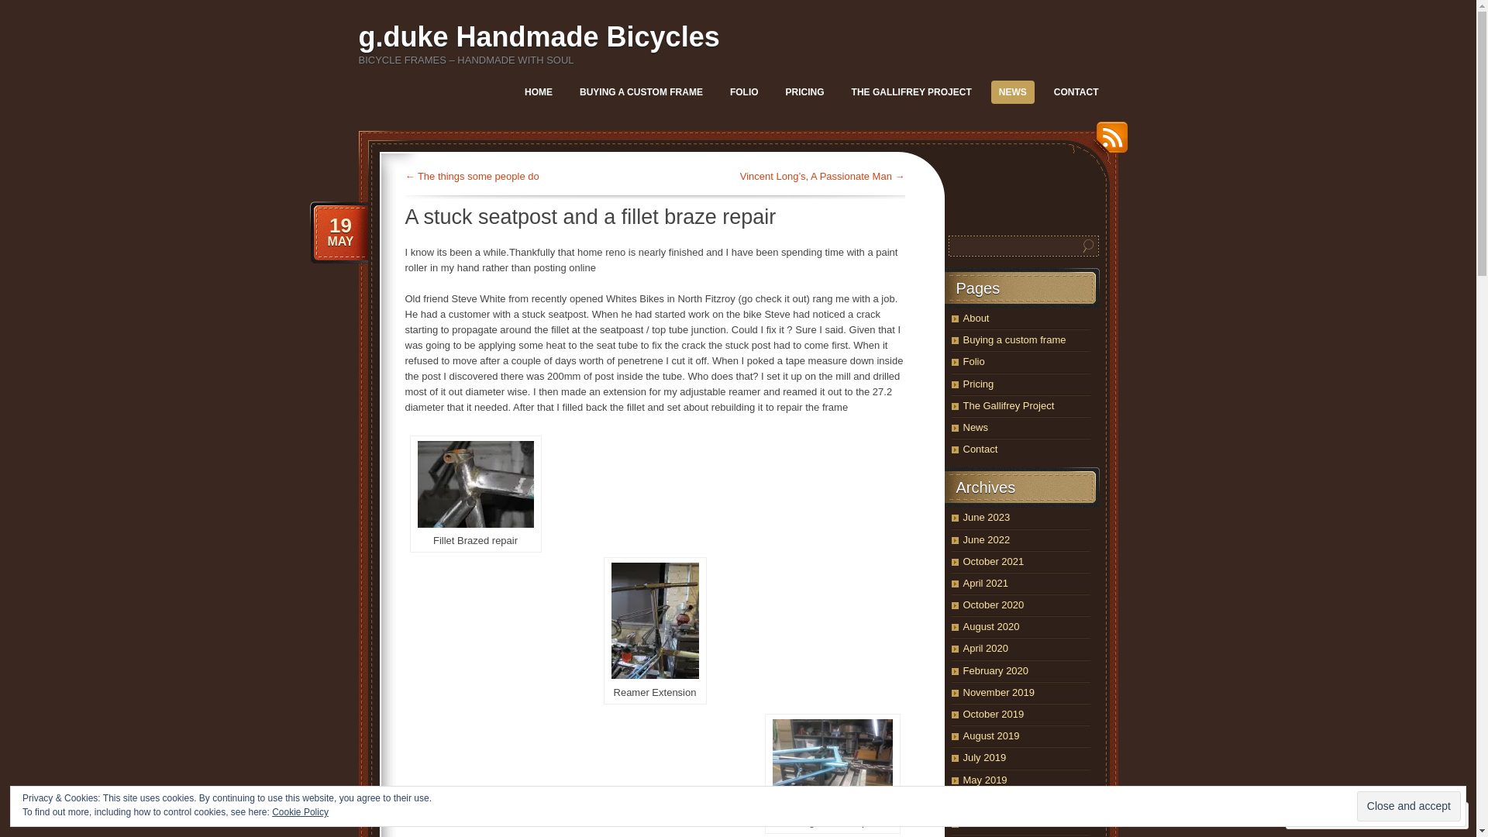  I want to click on 'April 2021', so click(984, 583).